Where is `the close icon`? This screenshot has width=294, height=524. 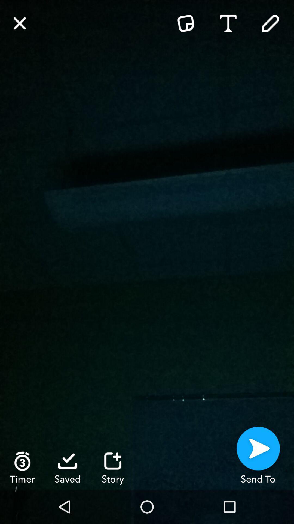
the close icon is located at coordinates (23, 23).